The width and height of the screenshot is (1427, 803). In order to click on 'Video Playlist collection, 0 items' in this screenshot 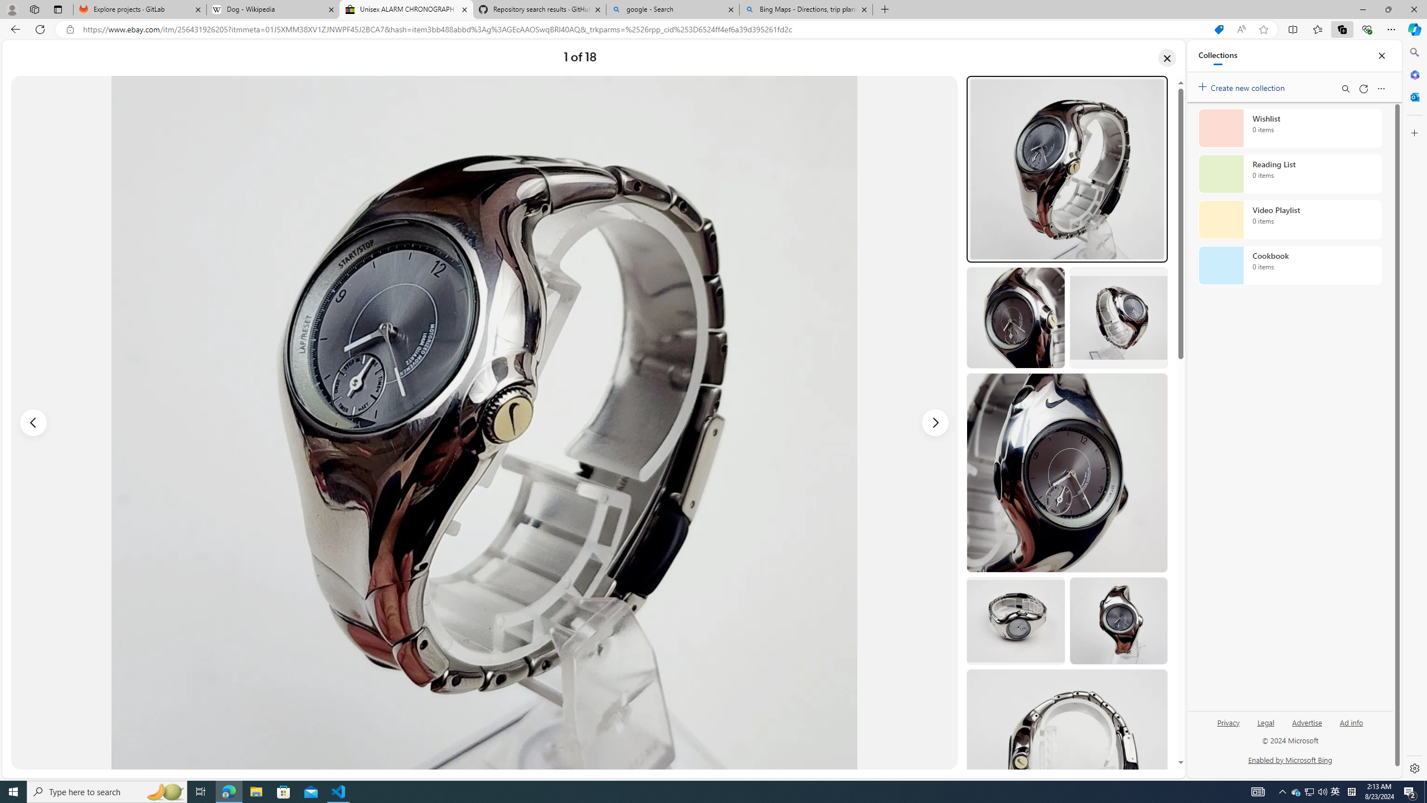, I will do `click(1290, 219)`.